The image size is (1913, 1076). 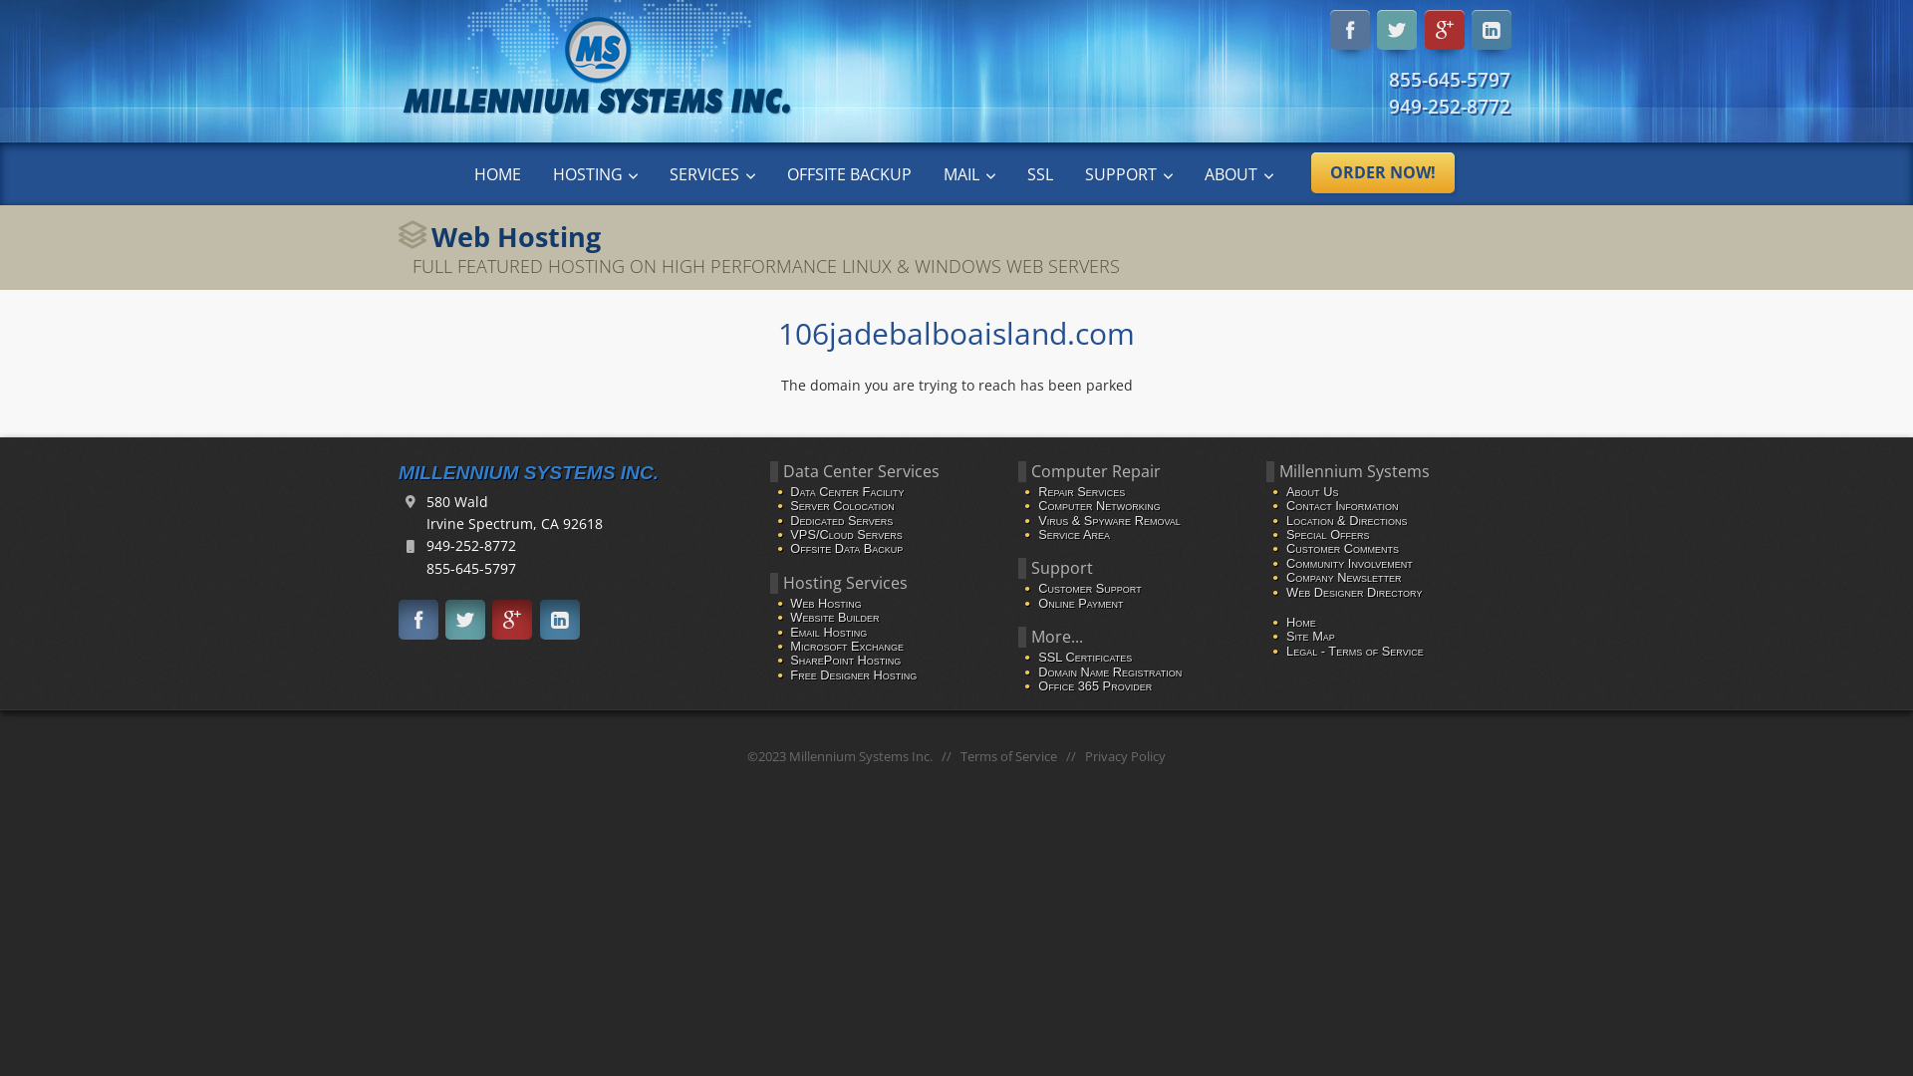 What do you see at coordinates (1073, 533) in the screenshot?
I see `'Service Area'` at bounding box center [1073, 533].